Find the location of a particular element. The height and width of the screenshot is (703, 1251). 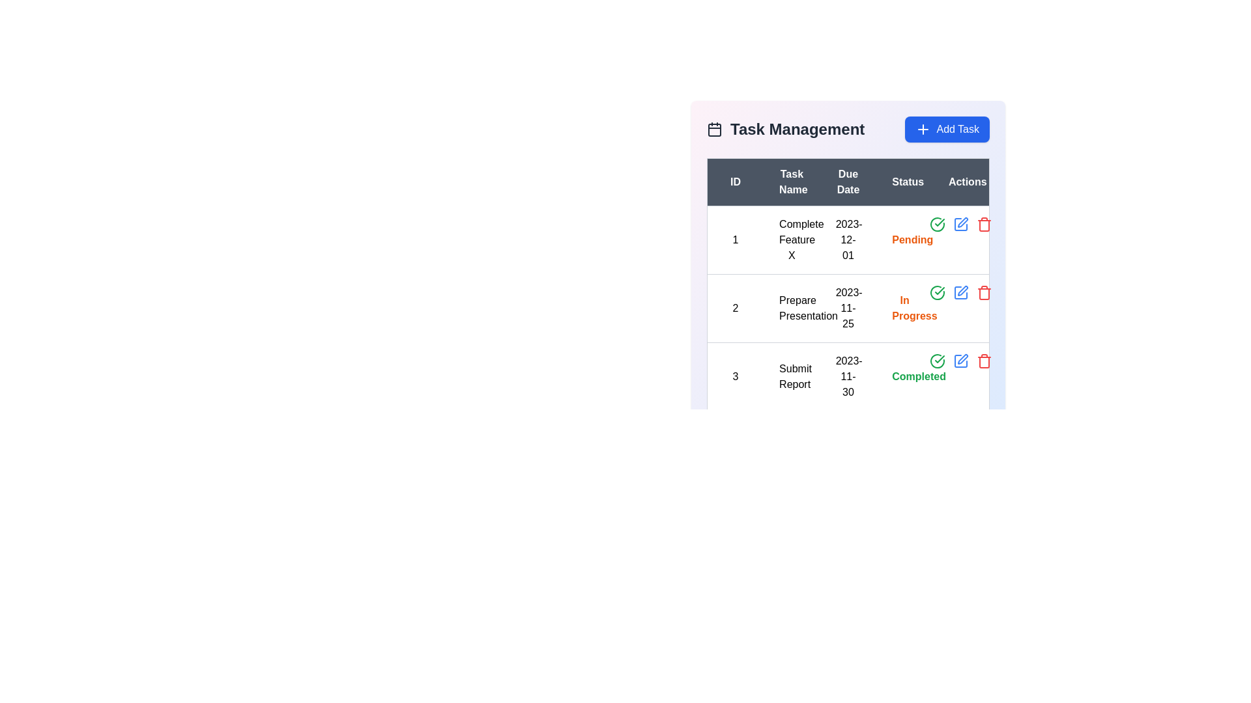

the icon button in the 'Actions' column of the second row in the 'Task Management' table to initiate the edit action for the task named 'Prepare Presentation' is located at coordinates (960, 293).